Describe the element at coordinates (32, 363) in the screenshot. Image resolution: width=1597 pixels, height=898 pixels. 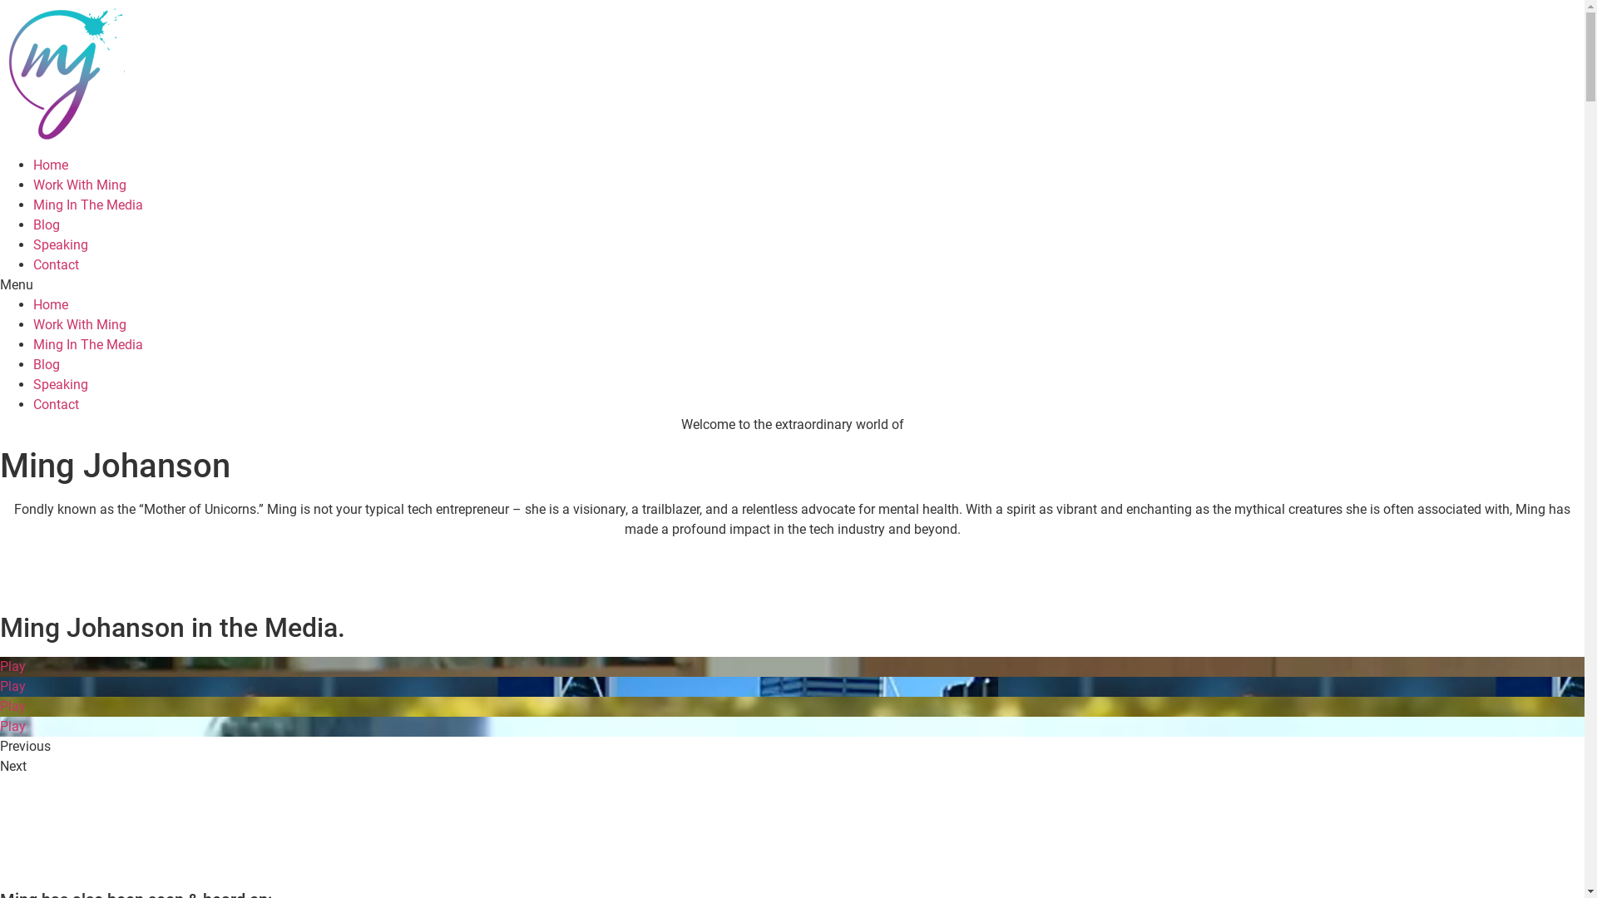
I see `'Blog'` at that location.